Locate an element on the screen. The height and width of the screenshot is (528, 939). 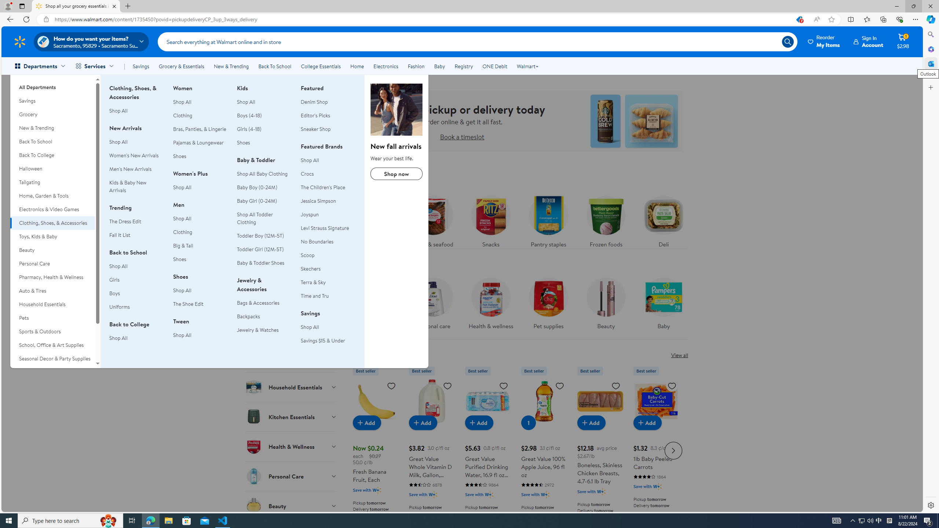
'FeaturedDenim ShopEditor' is located at coordinates (328, 112).